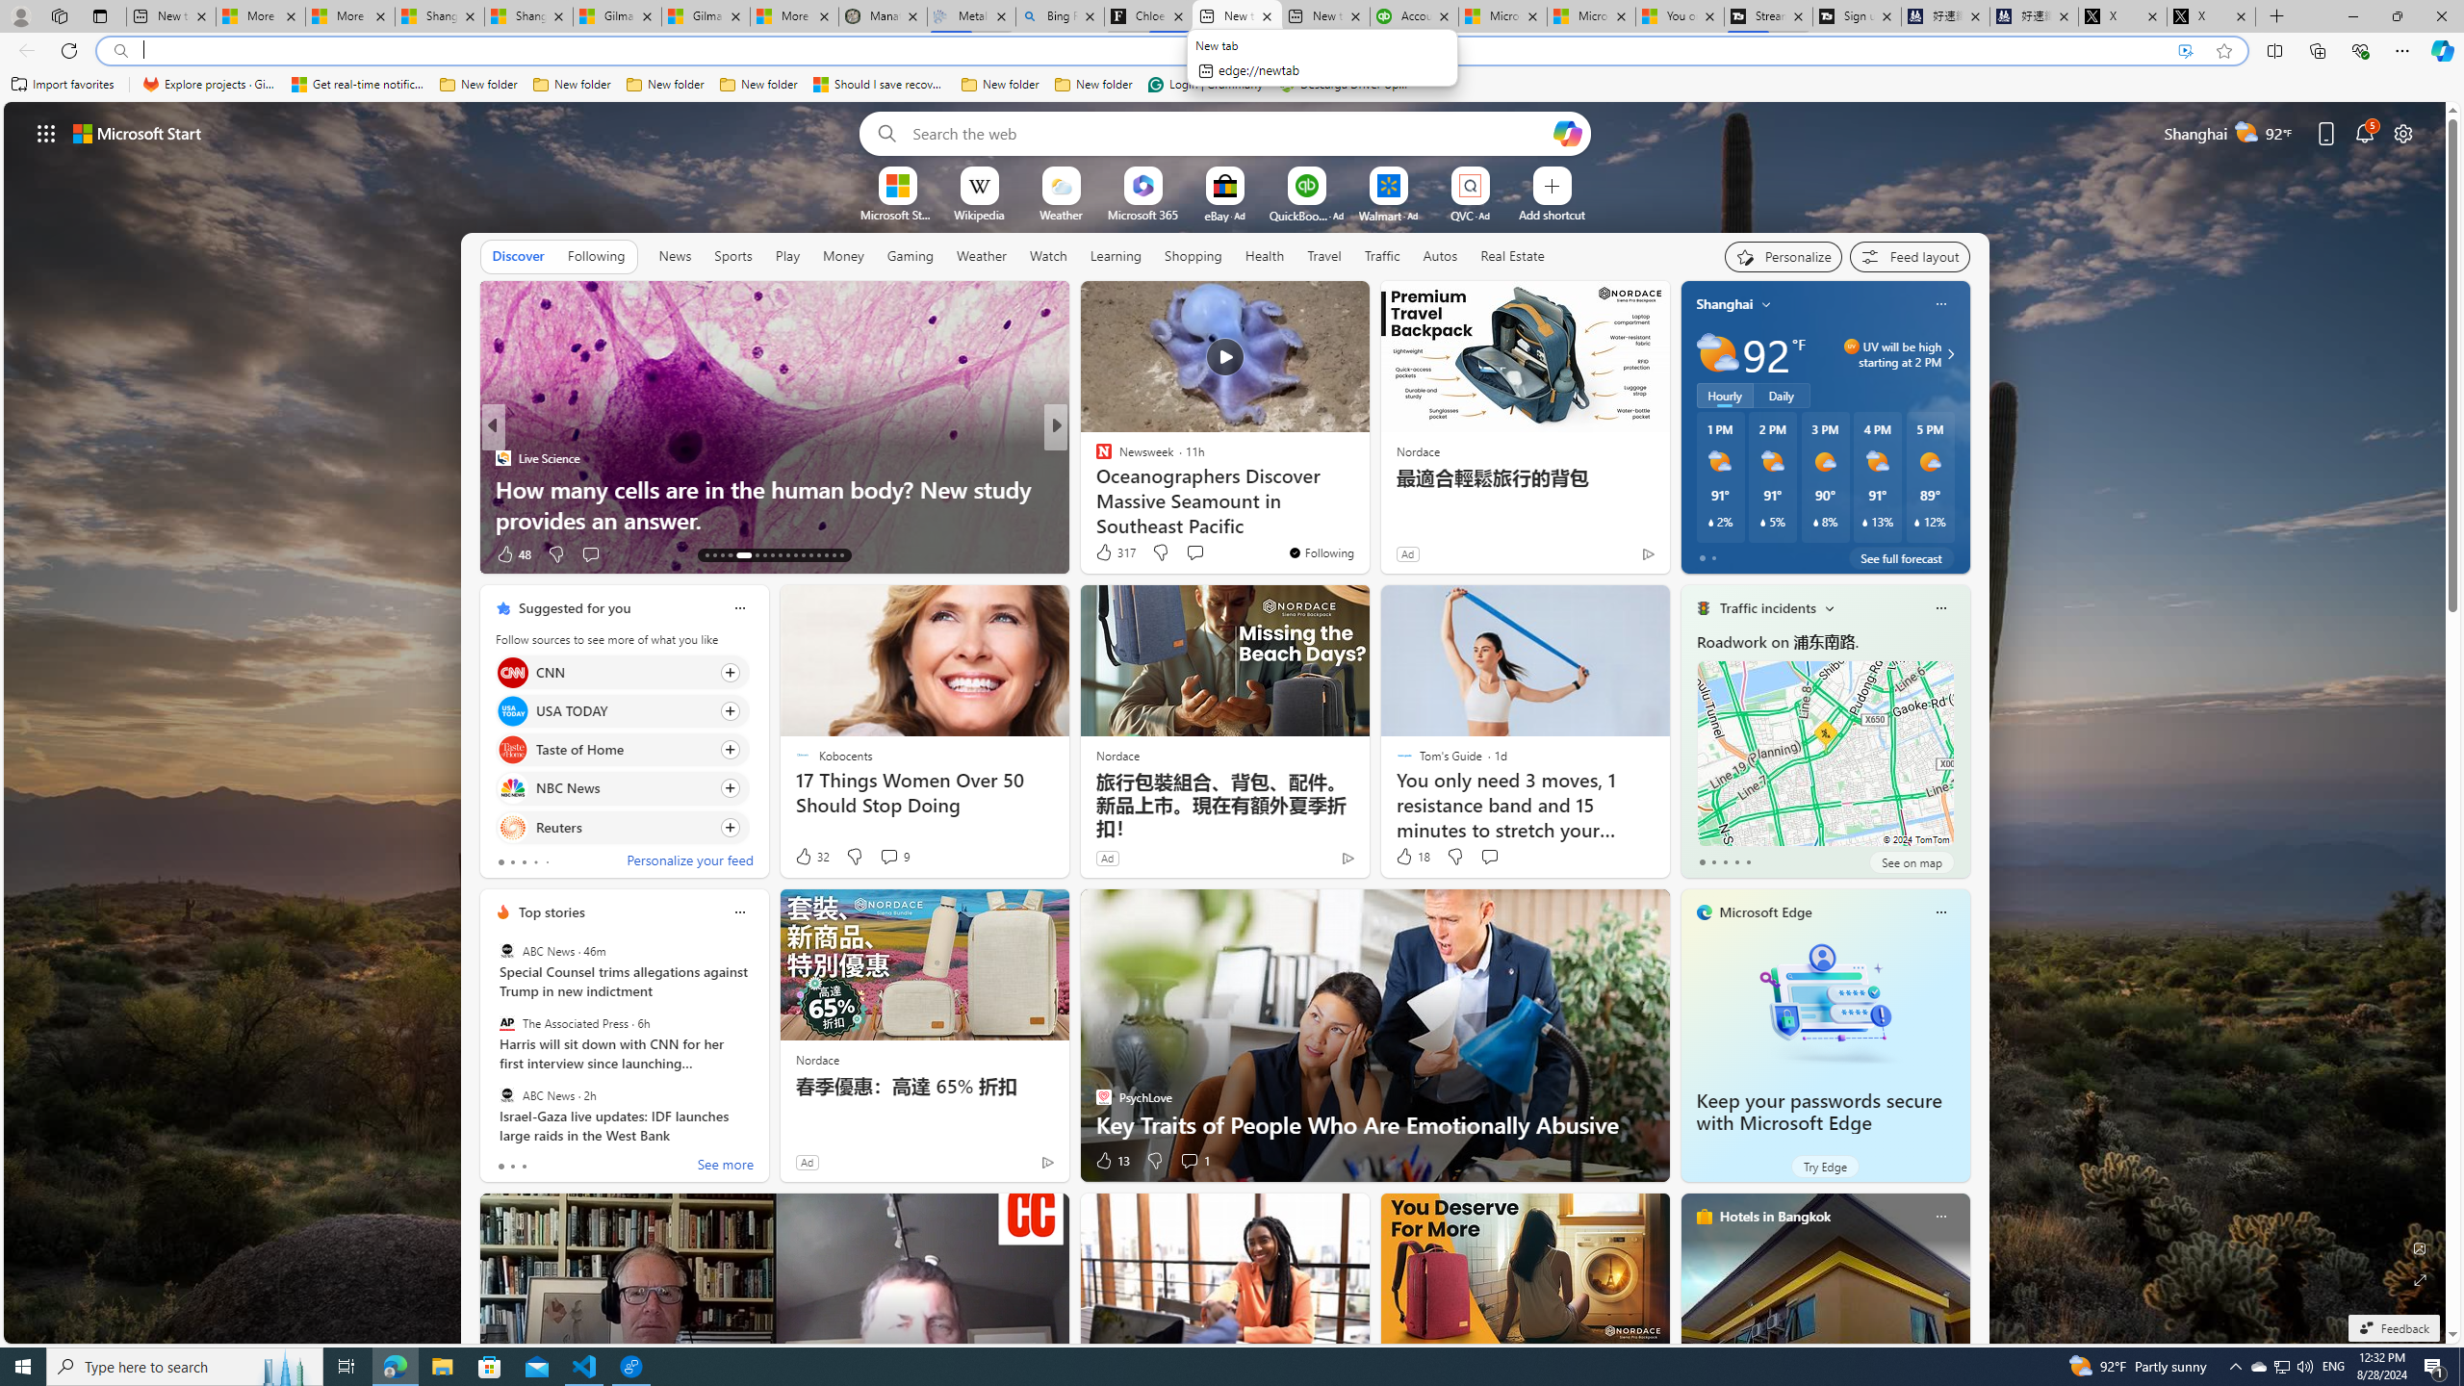 The width and height of the screenshot is (2464, 1386). Describe the element at coordinates (730, 555) in the screenshot. I see `'AutomationID: tab-16'` at that location.